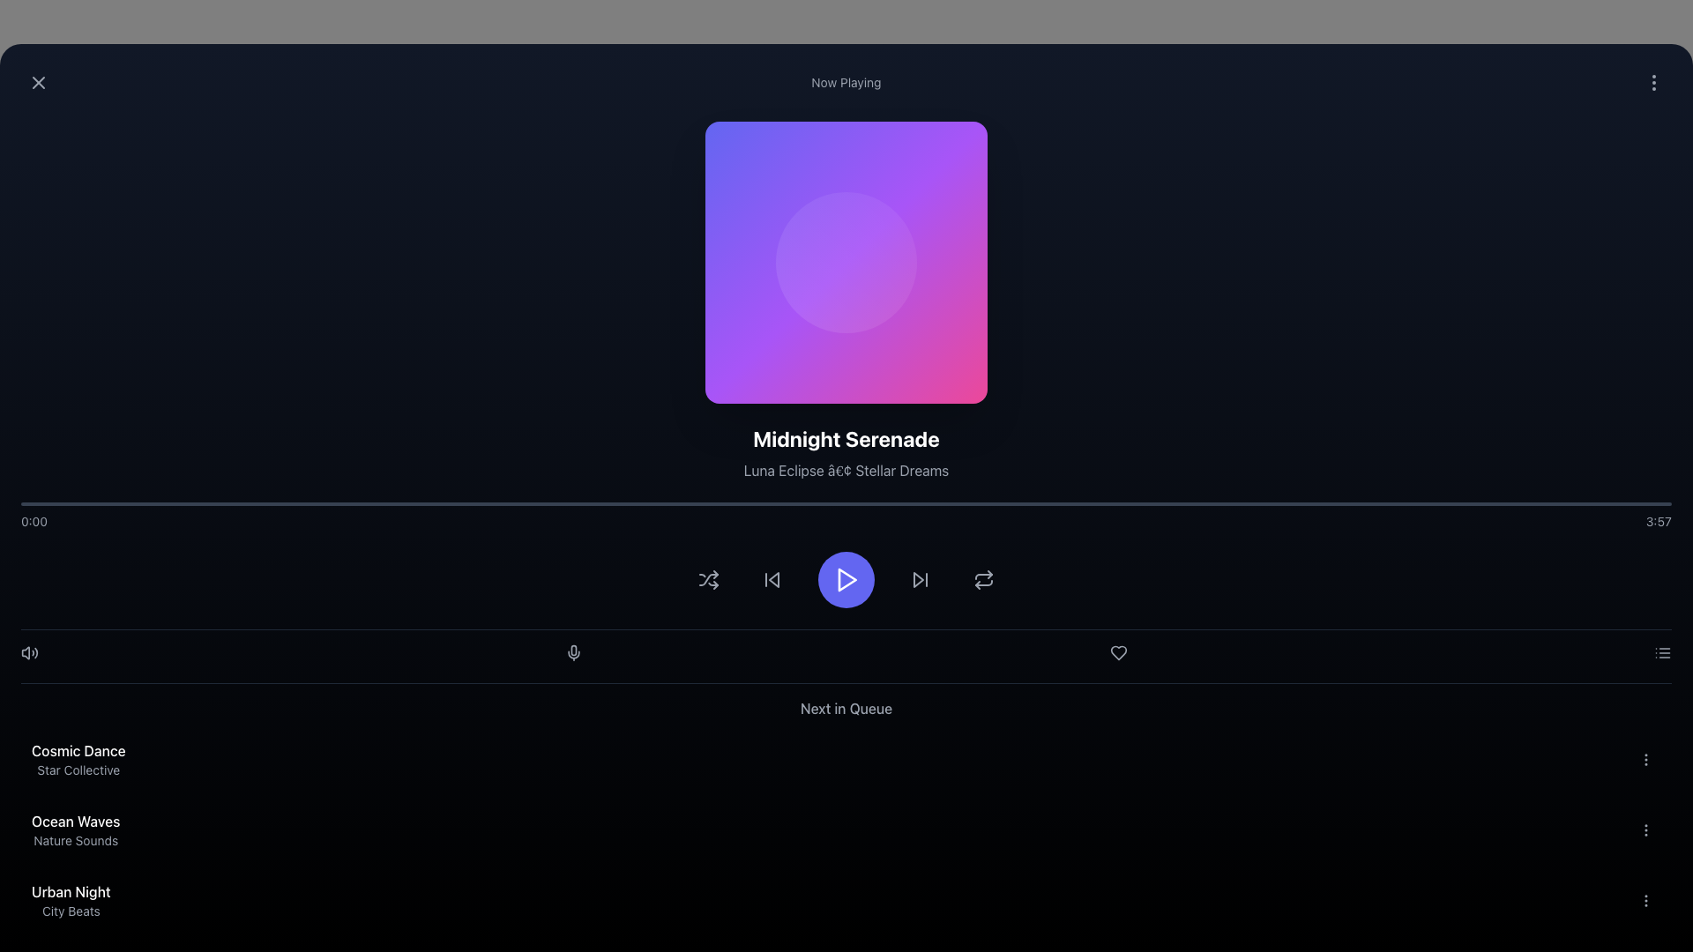 Image resolution: width=1693 pixels, height=952 pixels. I want to click on the playback progress, so click(779, 503).